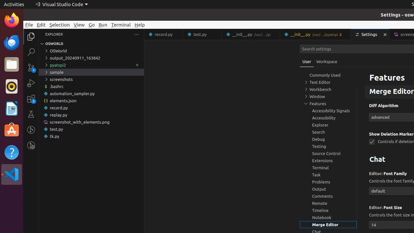  I want to click on 'sample', so click(91, 72).